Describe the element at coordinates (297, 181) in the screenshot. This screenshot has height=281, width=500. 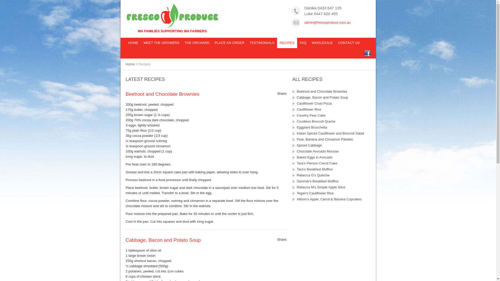
I see `'Sammie's Breakfast Muffins'` at that location.